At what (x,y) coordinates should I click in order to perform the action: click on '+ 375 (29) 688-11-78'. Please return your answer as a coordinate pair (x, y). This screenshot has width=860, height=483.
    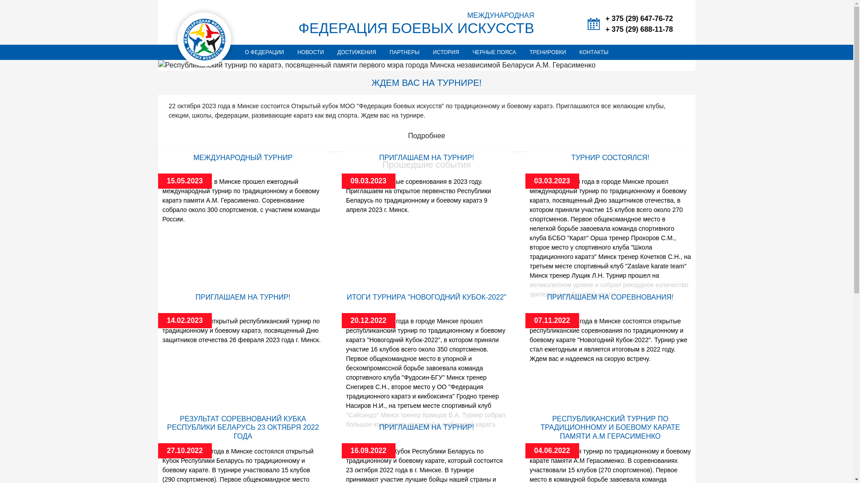
    Looking at the image, I should click on (606, 29).